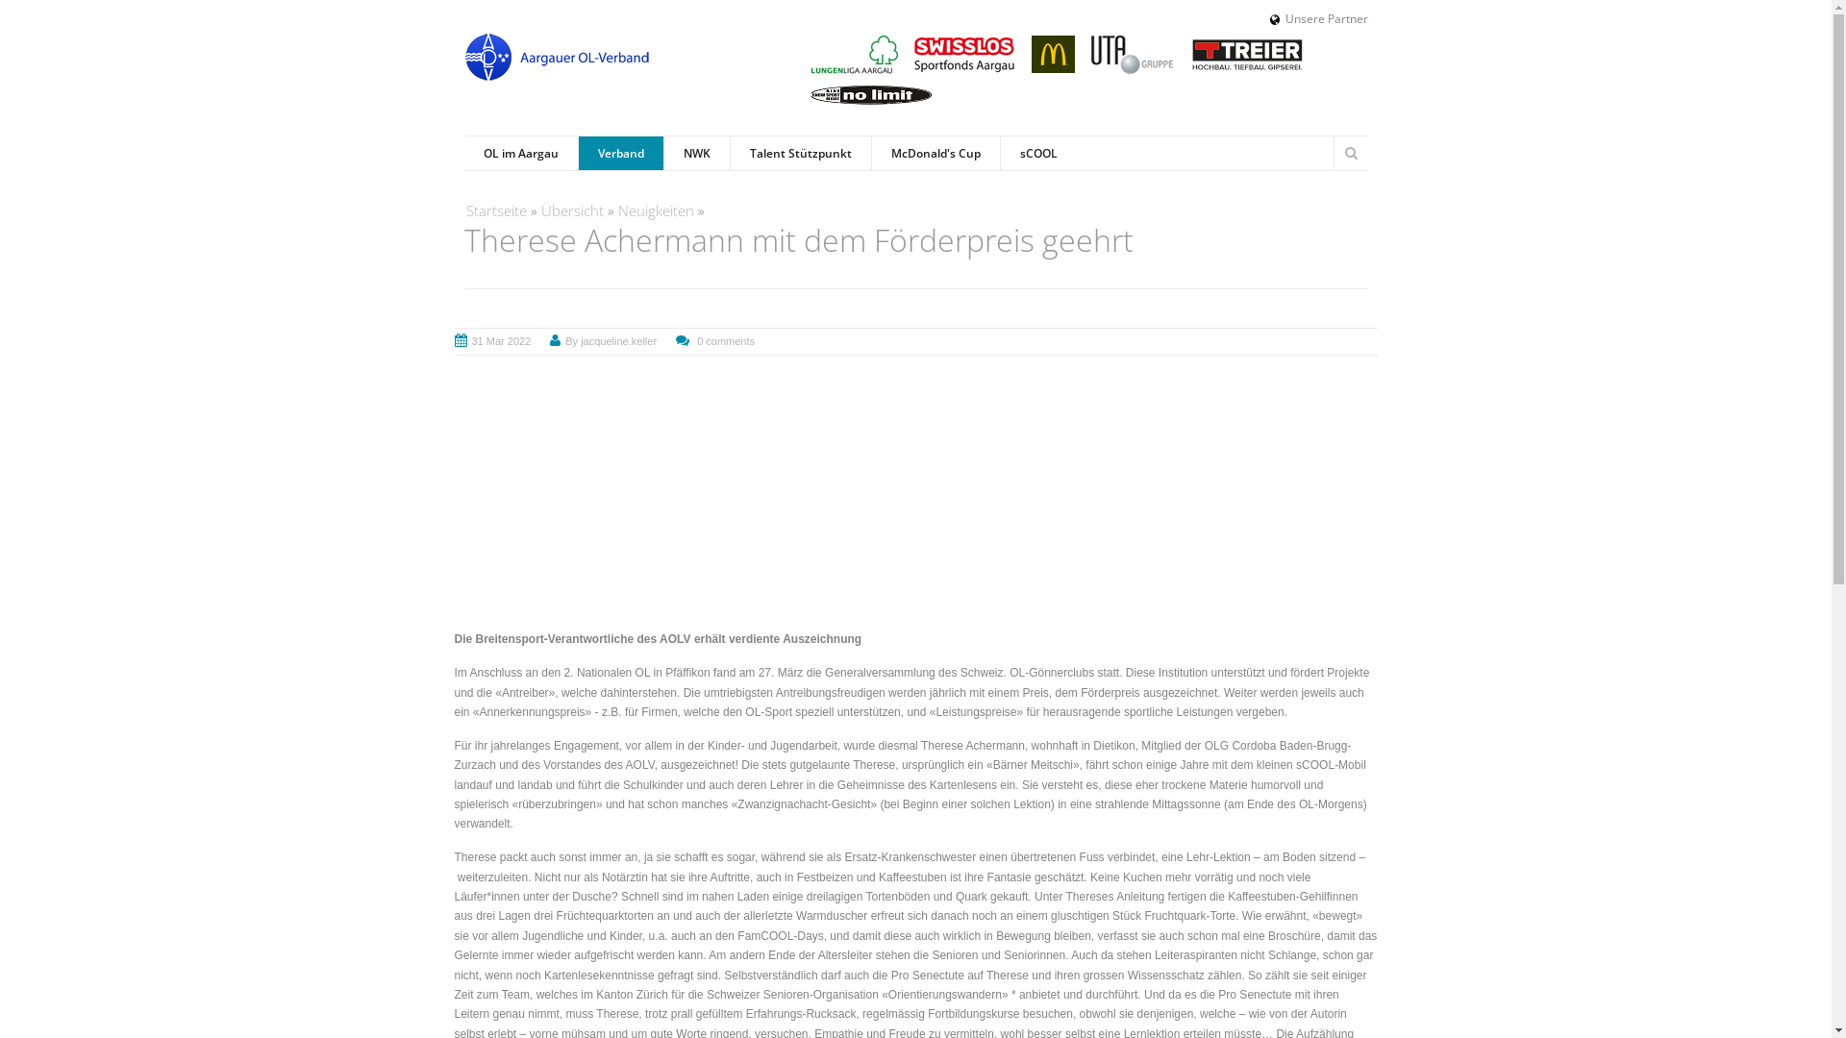 The height and width of the screenshot is (1038, 1846). I want to click on 'OL im Aargau', so click(462, 152).